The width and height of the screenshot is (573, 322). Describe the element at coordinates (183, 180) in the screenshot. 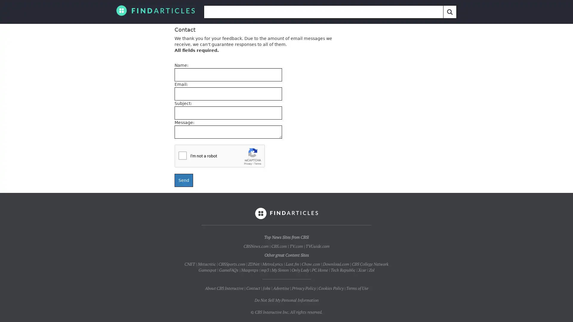

I see `Send` at that location.